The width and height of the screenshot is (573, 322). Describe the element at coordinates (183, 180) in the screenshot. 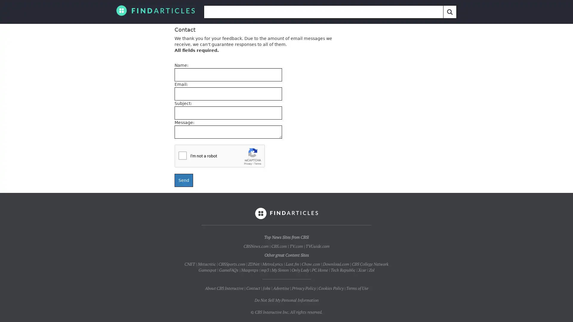

I see `Send` at that location.